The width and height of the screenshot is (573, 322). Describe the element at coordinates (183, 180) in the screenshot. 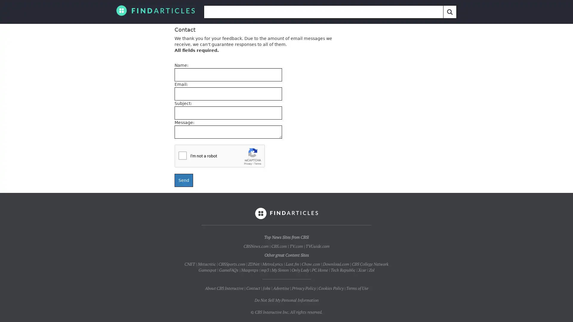

I see `Send` at that location.